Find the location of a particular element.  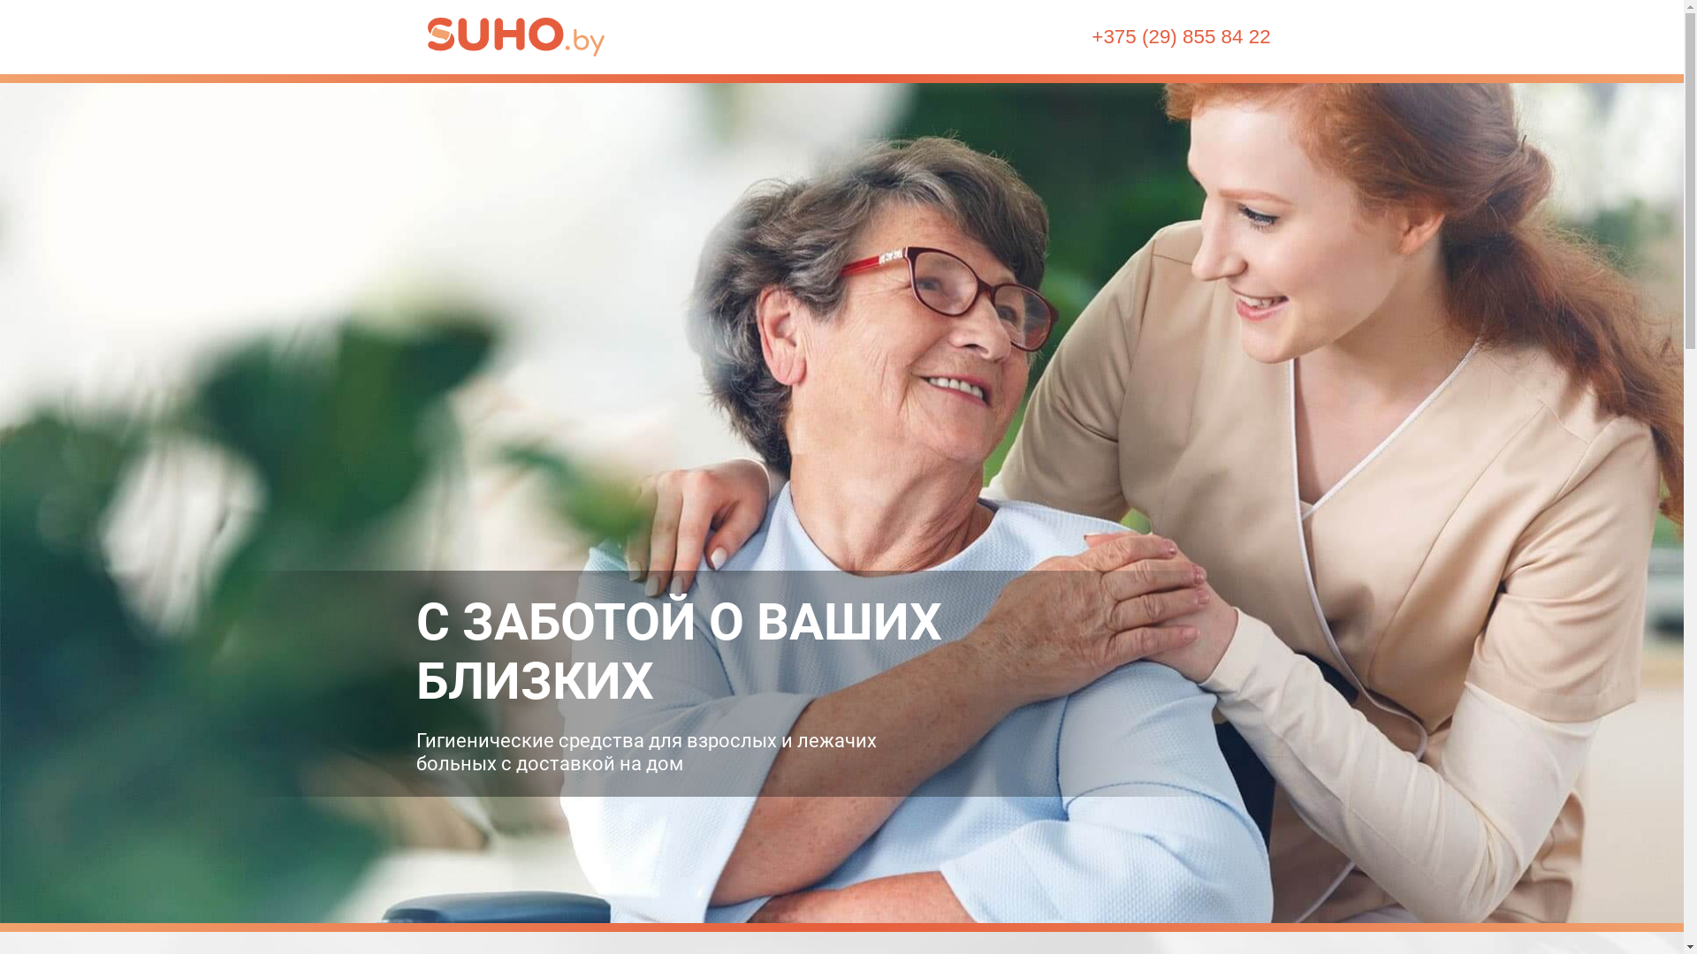

'+375 (29) 855 84 22' is located at coordinates (1090, 37).